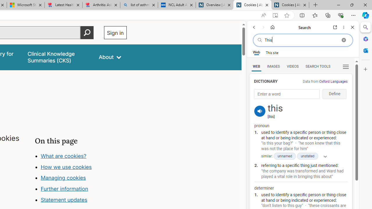 Image resolution: width=372 pixels, height=209 pixels. Describe the element at coordinates (87, 33) in the screenshot. I see `'Perform search'` at that location.